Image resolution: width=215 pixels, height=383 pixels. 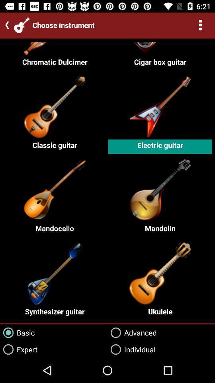 I want to click on the last image which is on right, so click(x=160, y=272).